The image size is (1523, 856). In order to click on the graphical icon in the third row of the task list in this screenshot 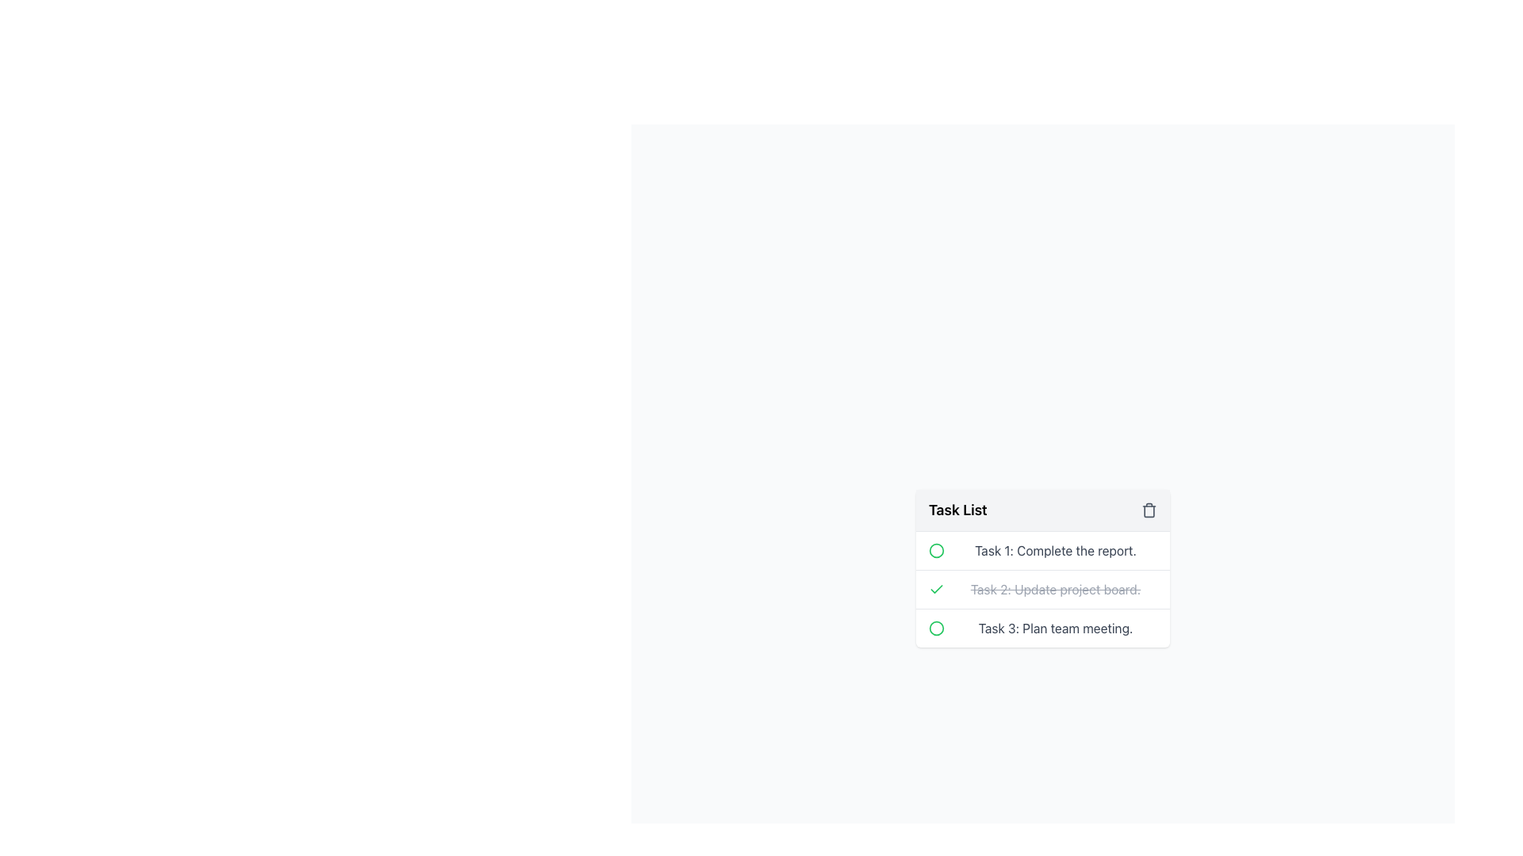, I will do `click(936, 626)`.